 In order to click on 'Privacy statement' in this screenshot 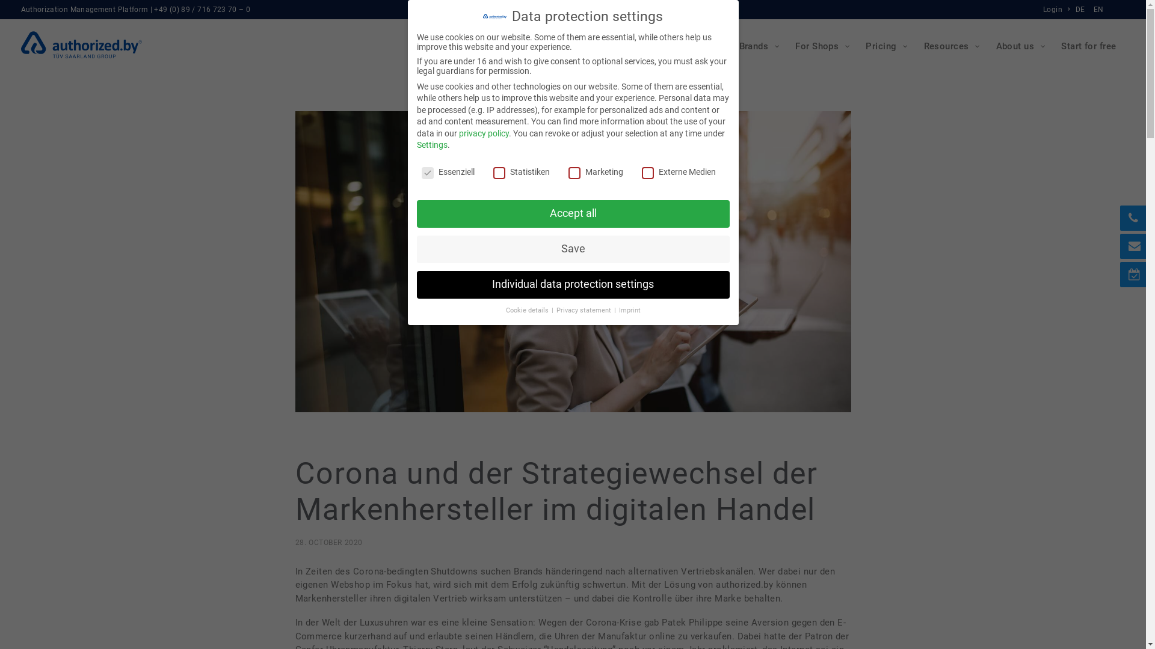, I will do `click(584, 309)`.